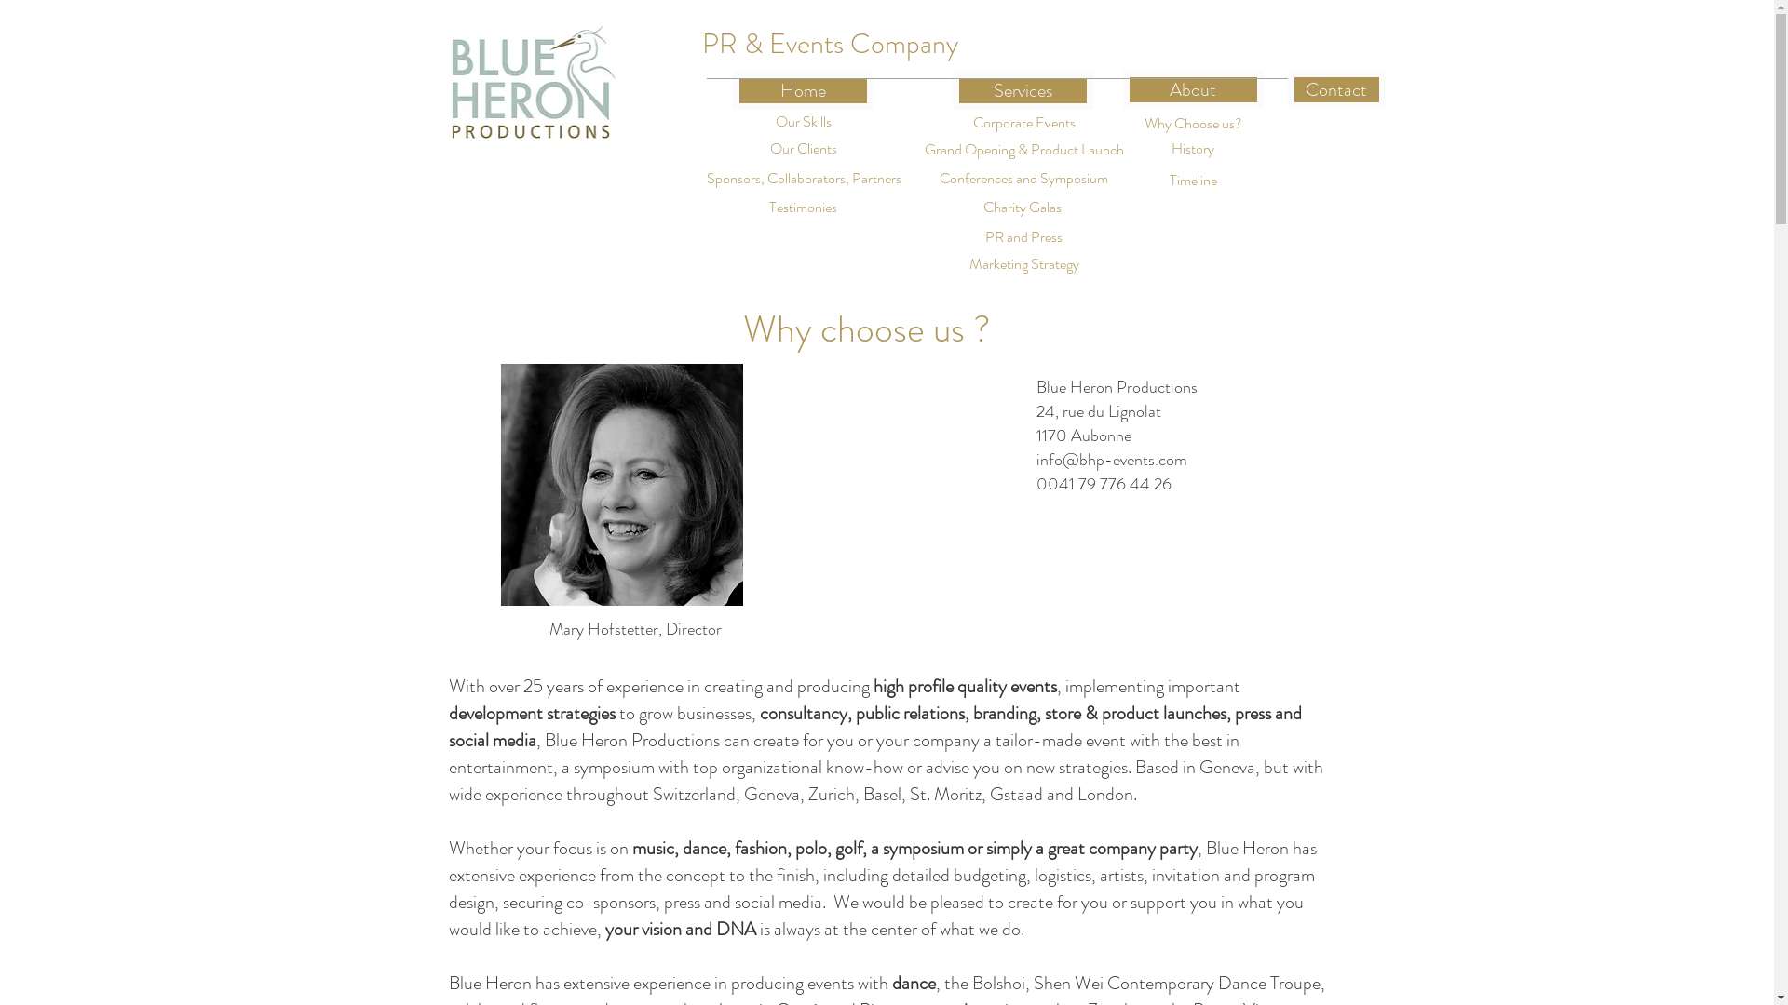 Image resolution: width=1788 pixels, height=1005 pixels. I want to click on 'info@bhp-events.com', so click(1111, 459).